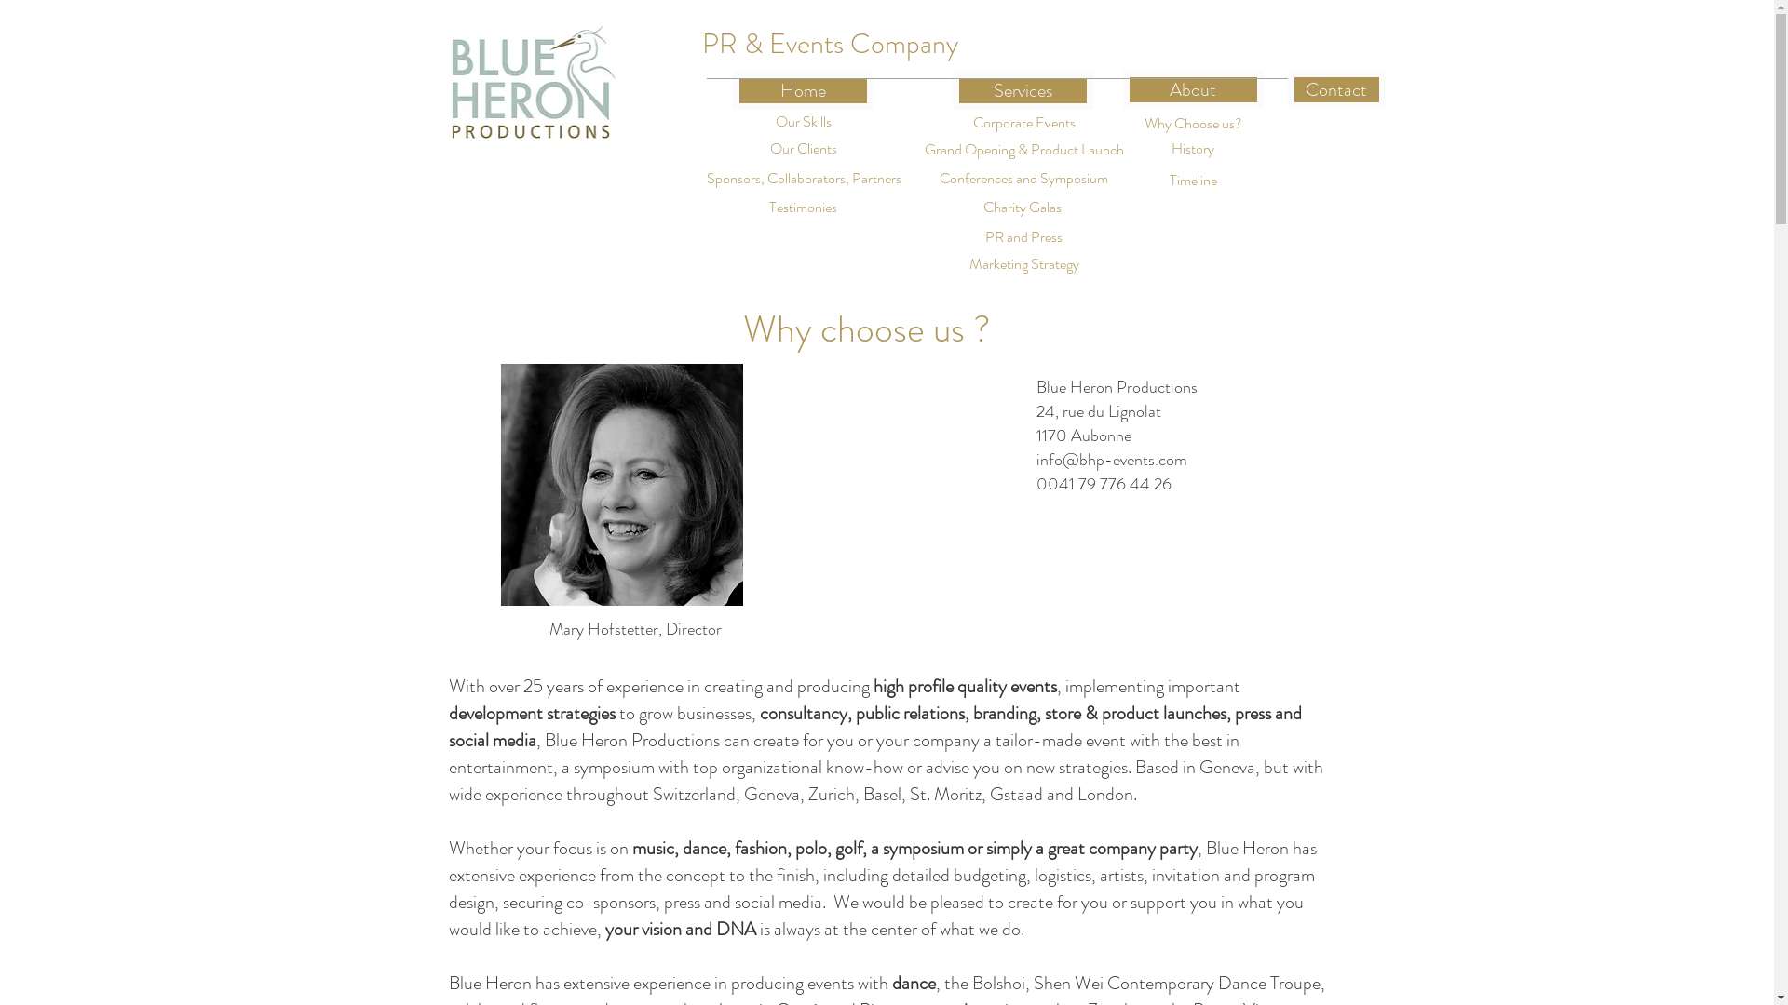 Image resolution: width=1788 pixels, height=1005 pixels. I want to click on 'info@bhp-events.com', so click(1111, 459).